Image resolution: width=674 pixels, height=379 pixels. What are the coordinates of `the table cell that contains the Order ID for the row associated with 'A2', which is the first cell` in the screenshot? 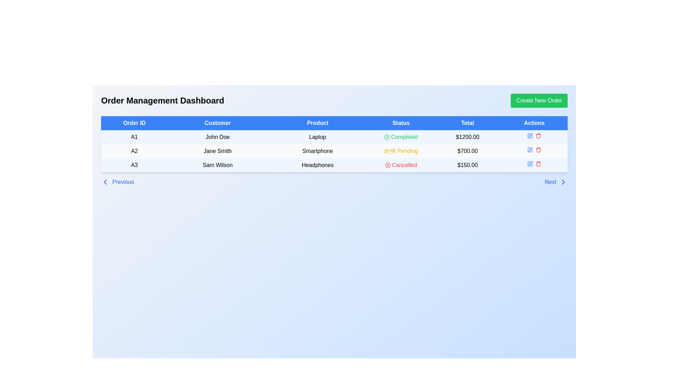 It's located at (134, 151).